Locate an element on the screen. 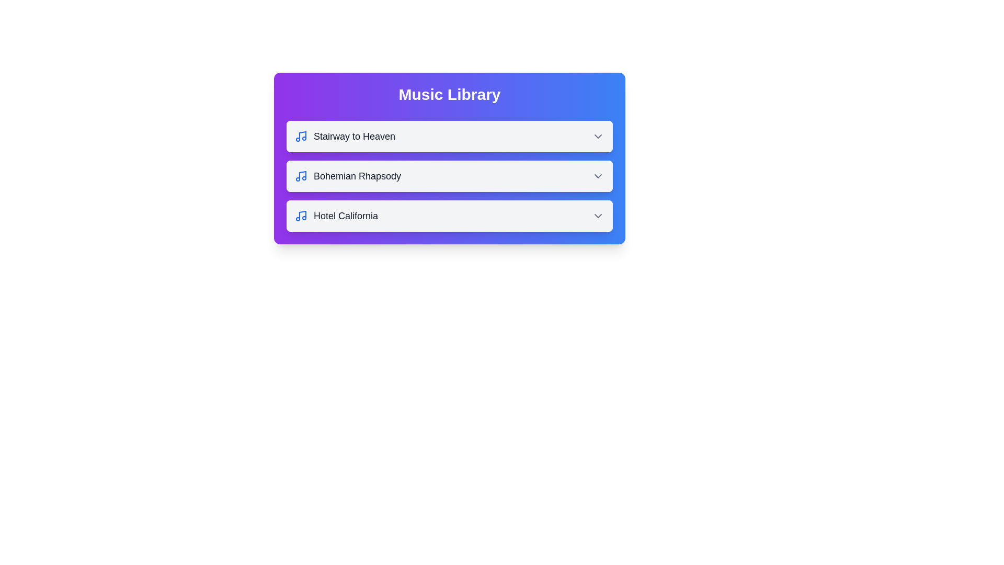 This screenshot has width=1004, height=565. text from the header label located at the top center of the music library interface, which serves as a title for the section is located at coordinates (449, 95).